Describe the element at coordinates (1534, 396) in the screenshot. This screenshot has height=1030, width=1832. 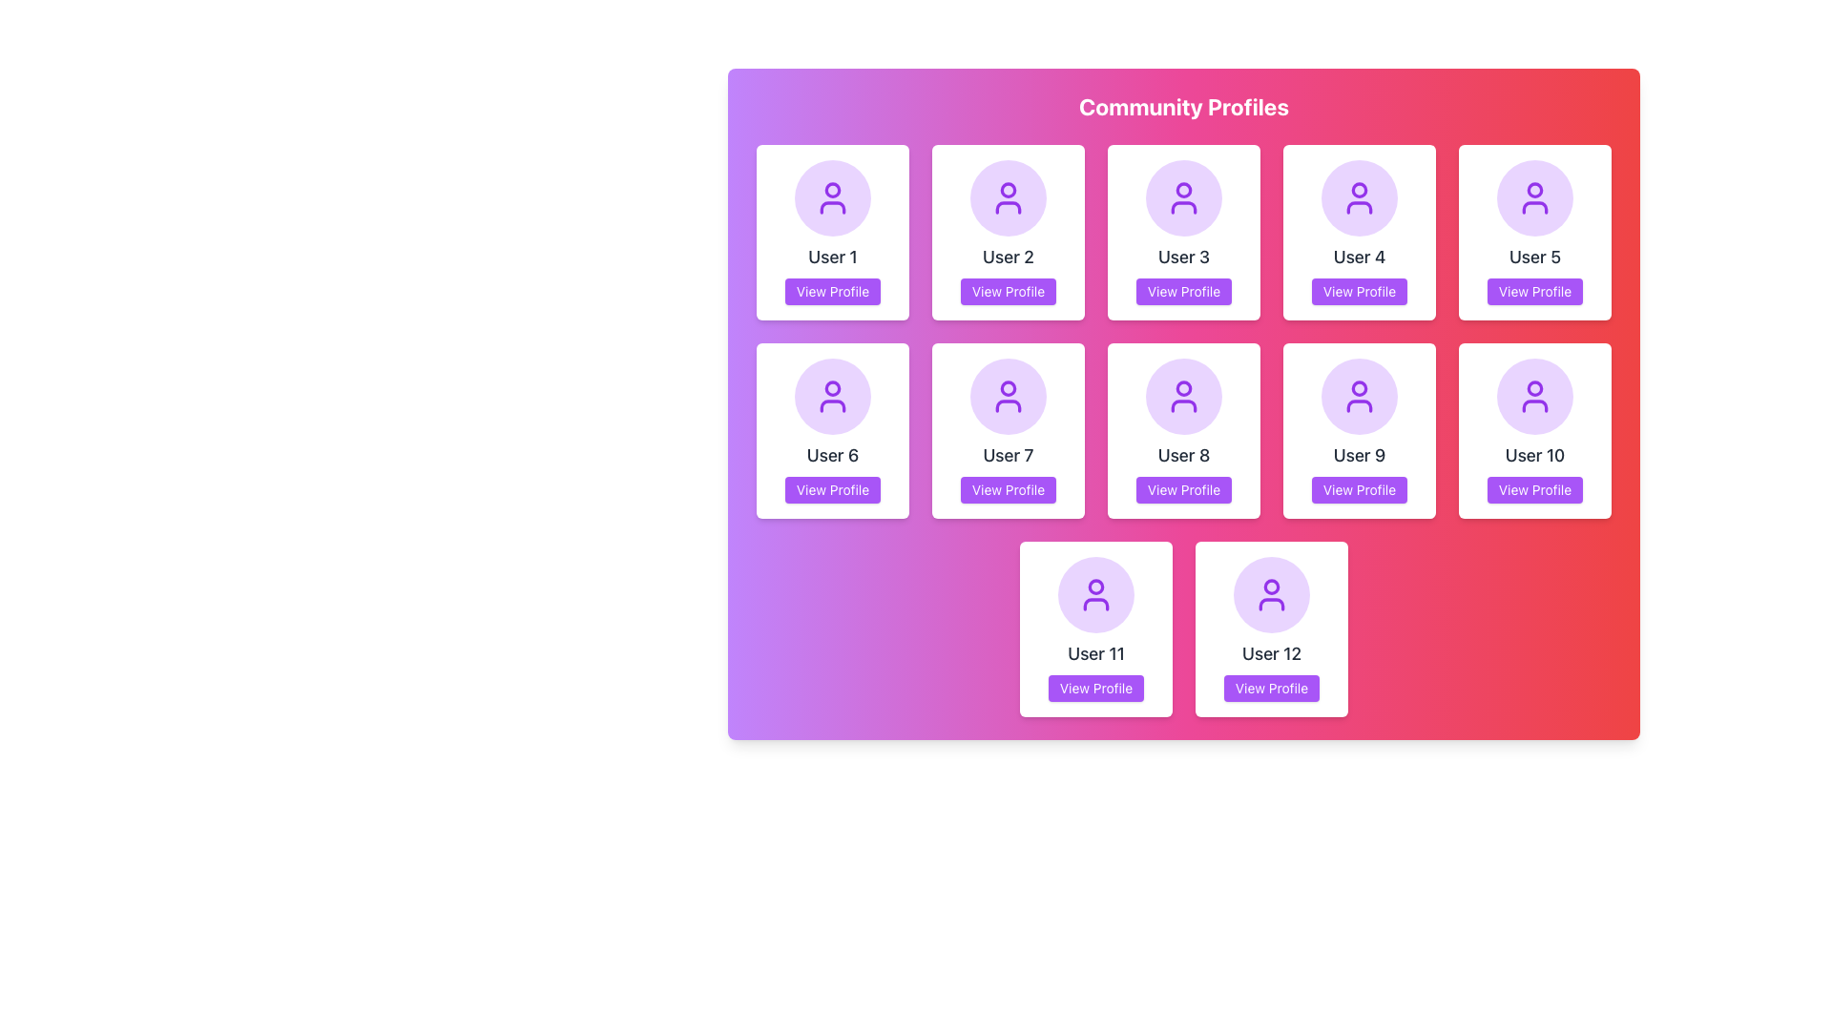
I see `the user profile icon represented by a purple outline of a person on a light purple background, located in the last column of the second row in a grid layout` at that location.